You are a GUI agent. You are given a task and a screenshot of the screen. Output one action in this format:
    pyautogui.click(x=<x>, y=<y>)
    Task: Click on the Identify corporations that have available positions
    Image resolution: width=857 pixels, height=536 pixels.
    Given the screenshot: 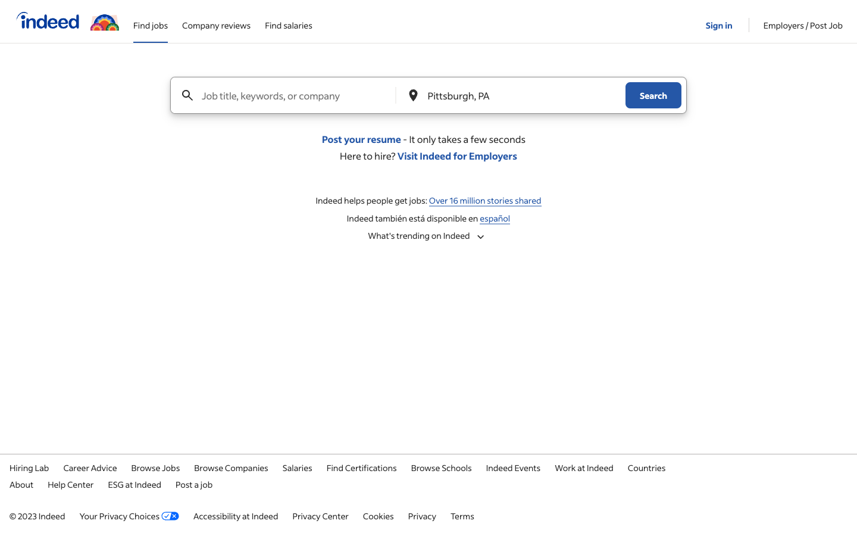 What is the action you would take?
    pyautogui.click(x=230, y=466)
    